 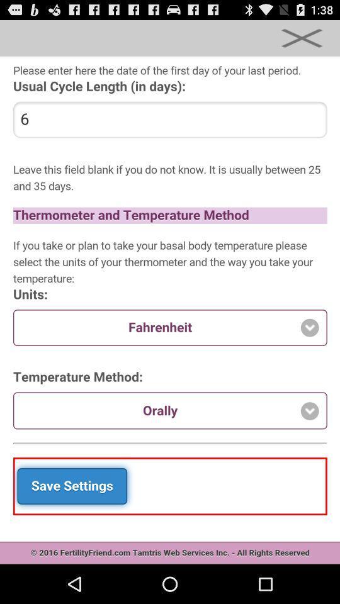 I want to click on main screen, so click(x=170, y=310).